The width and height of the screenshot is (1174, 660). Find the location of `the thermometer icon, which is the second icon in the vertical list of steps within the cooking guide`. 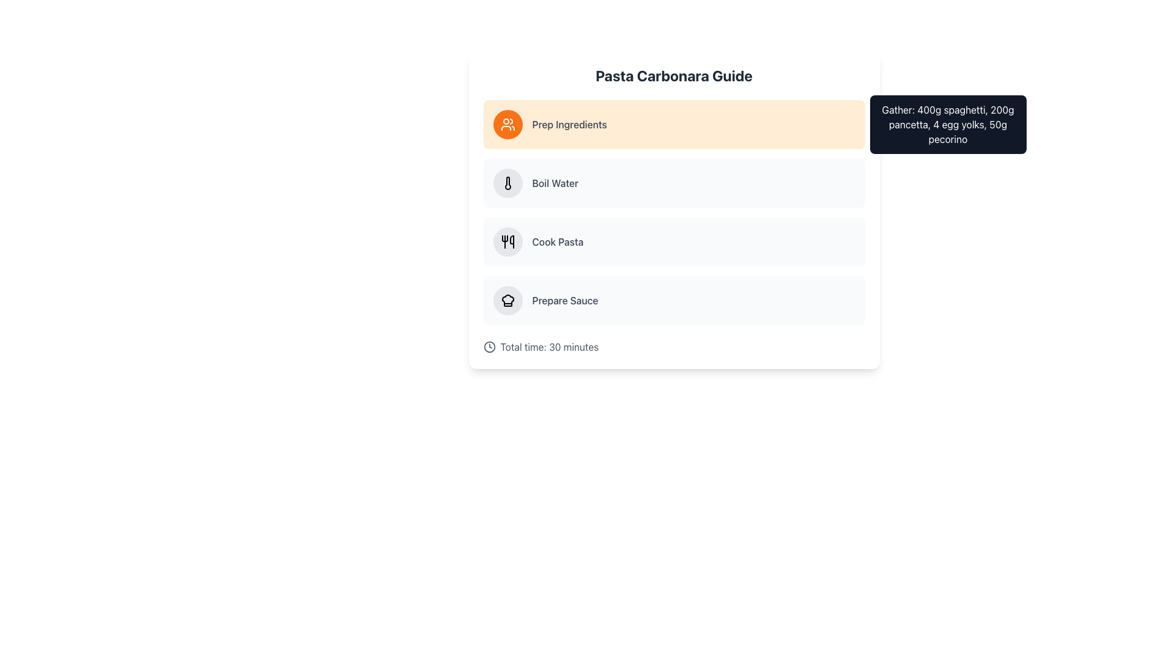

the thermometer icon, which is the second icon in the vertical list of steps within the cooking guide is located at coordinates (508, 183).